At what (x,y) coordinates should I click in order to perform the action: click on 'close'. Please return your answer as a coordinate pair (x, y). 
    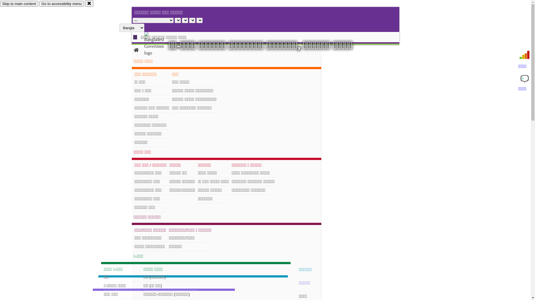
    Looking at the image, I should click on (89, 3).